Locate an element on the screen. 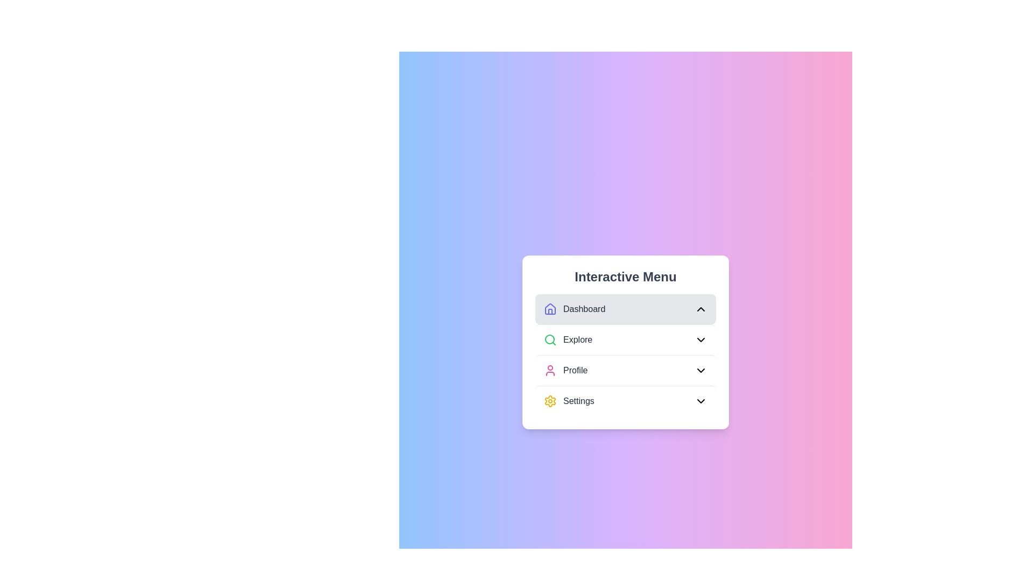  the menu item Profile to preview its interaction is located at coordinates (625, 369).